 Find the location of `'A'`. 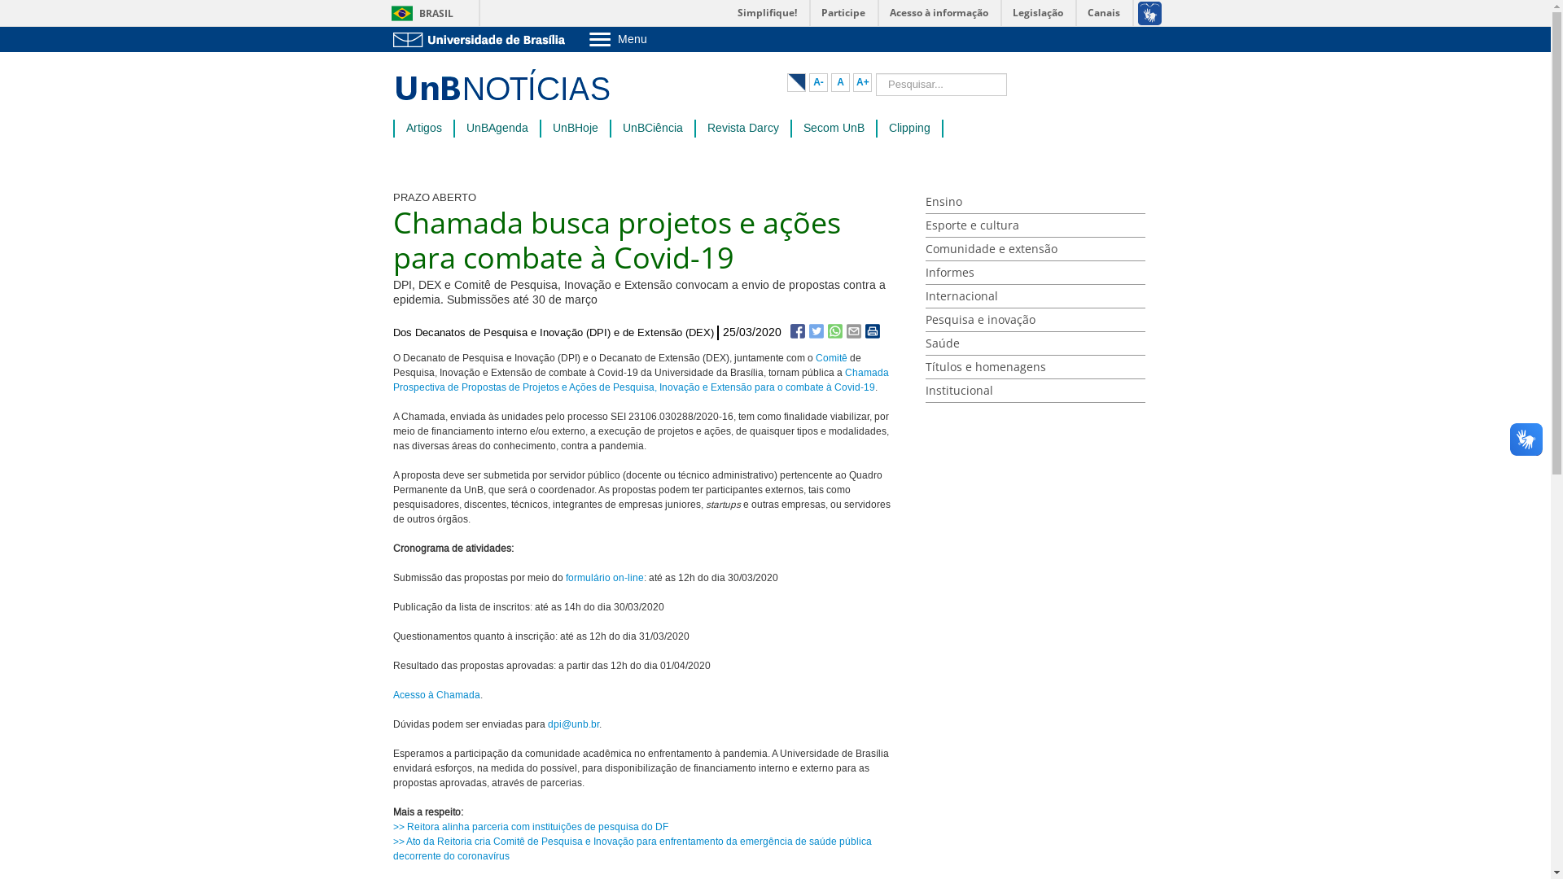

'A' is located at coordinates (840, 82).